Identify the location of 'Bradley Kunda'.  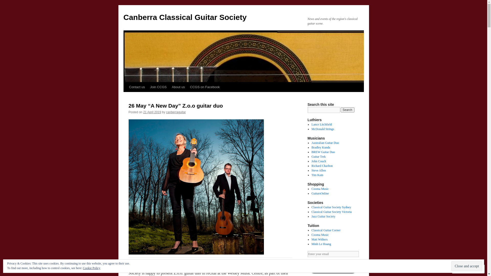
(320, 147).